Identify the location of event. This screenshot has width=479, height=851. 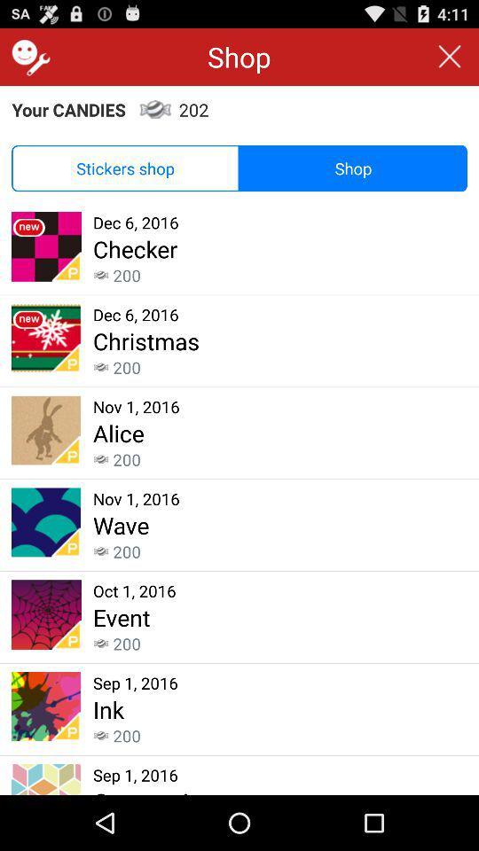
(121, 617).